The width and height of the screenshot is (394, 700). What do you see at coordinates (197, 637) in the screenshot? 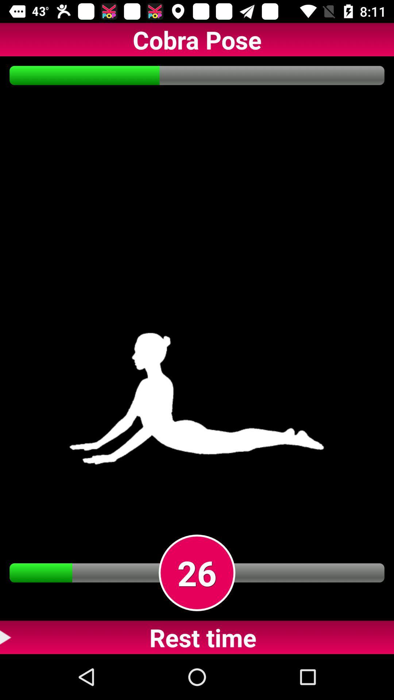
I see `the app below the 26` at bounding box center [197, 637].